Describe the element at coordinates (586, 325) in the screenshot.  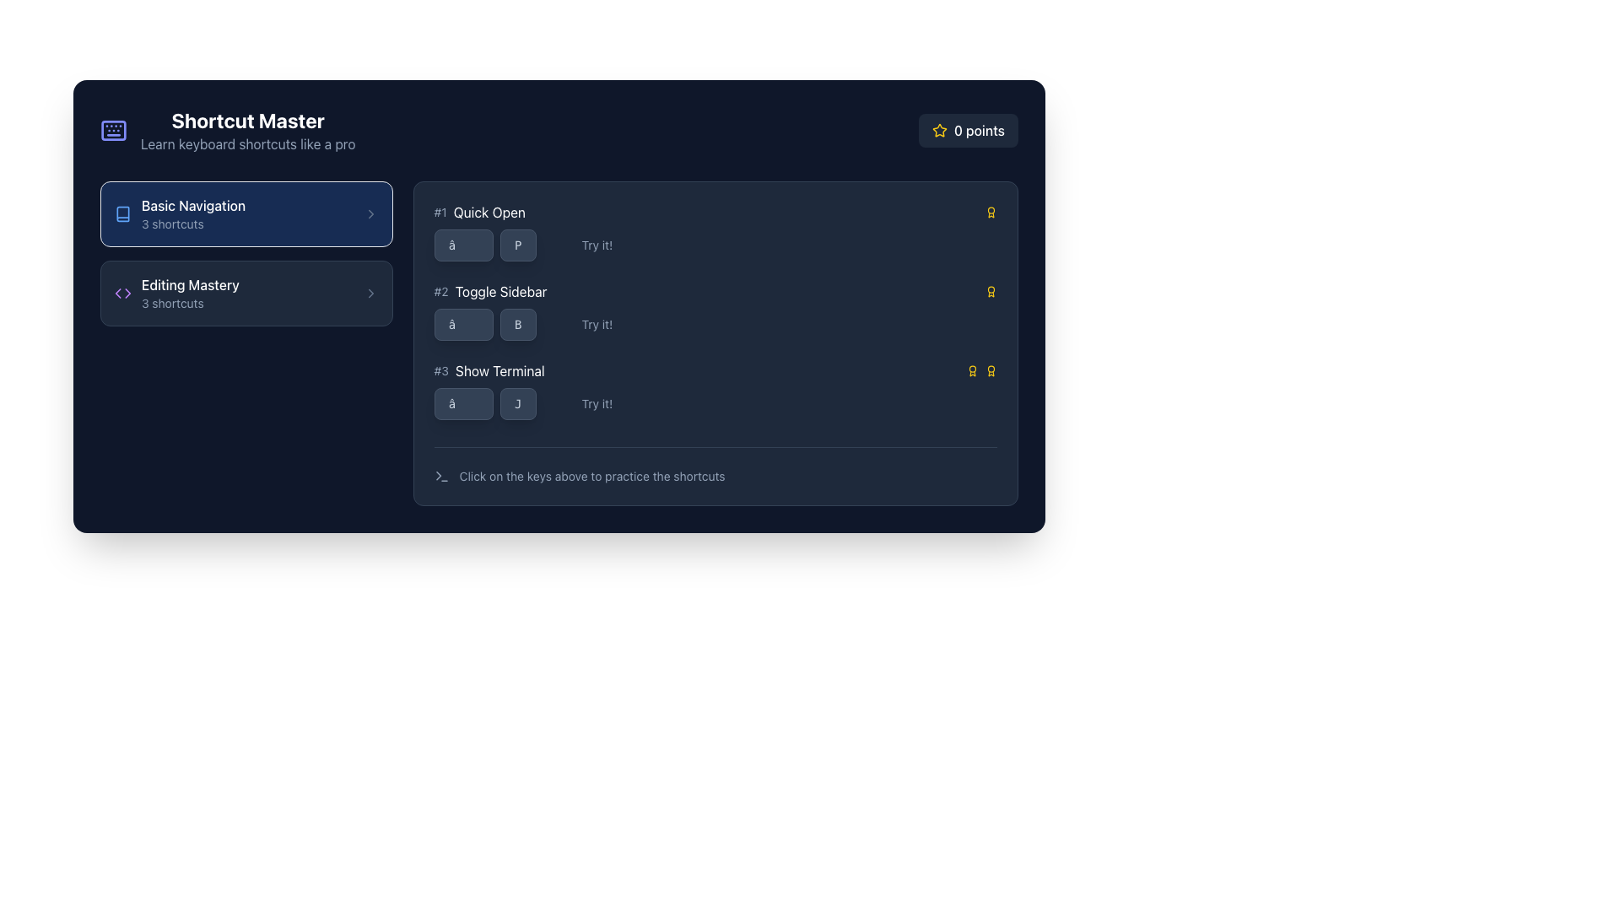
I see `the 'Try it!' button, which is a textual button styled in light slate gray, located to the right of the shortcut key indicator '⎇ B' in the horizontal layout for the 'Toggle Sidebar' shortcut demonstration` at that location.